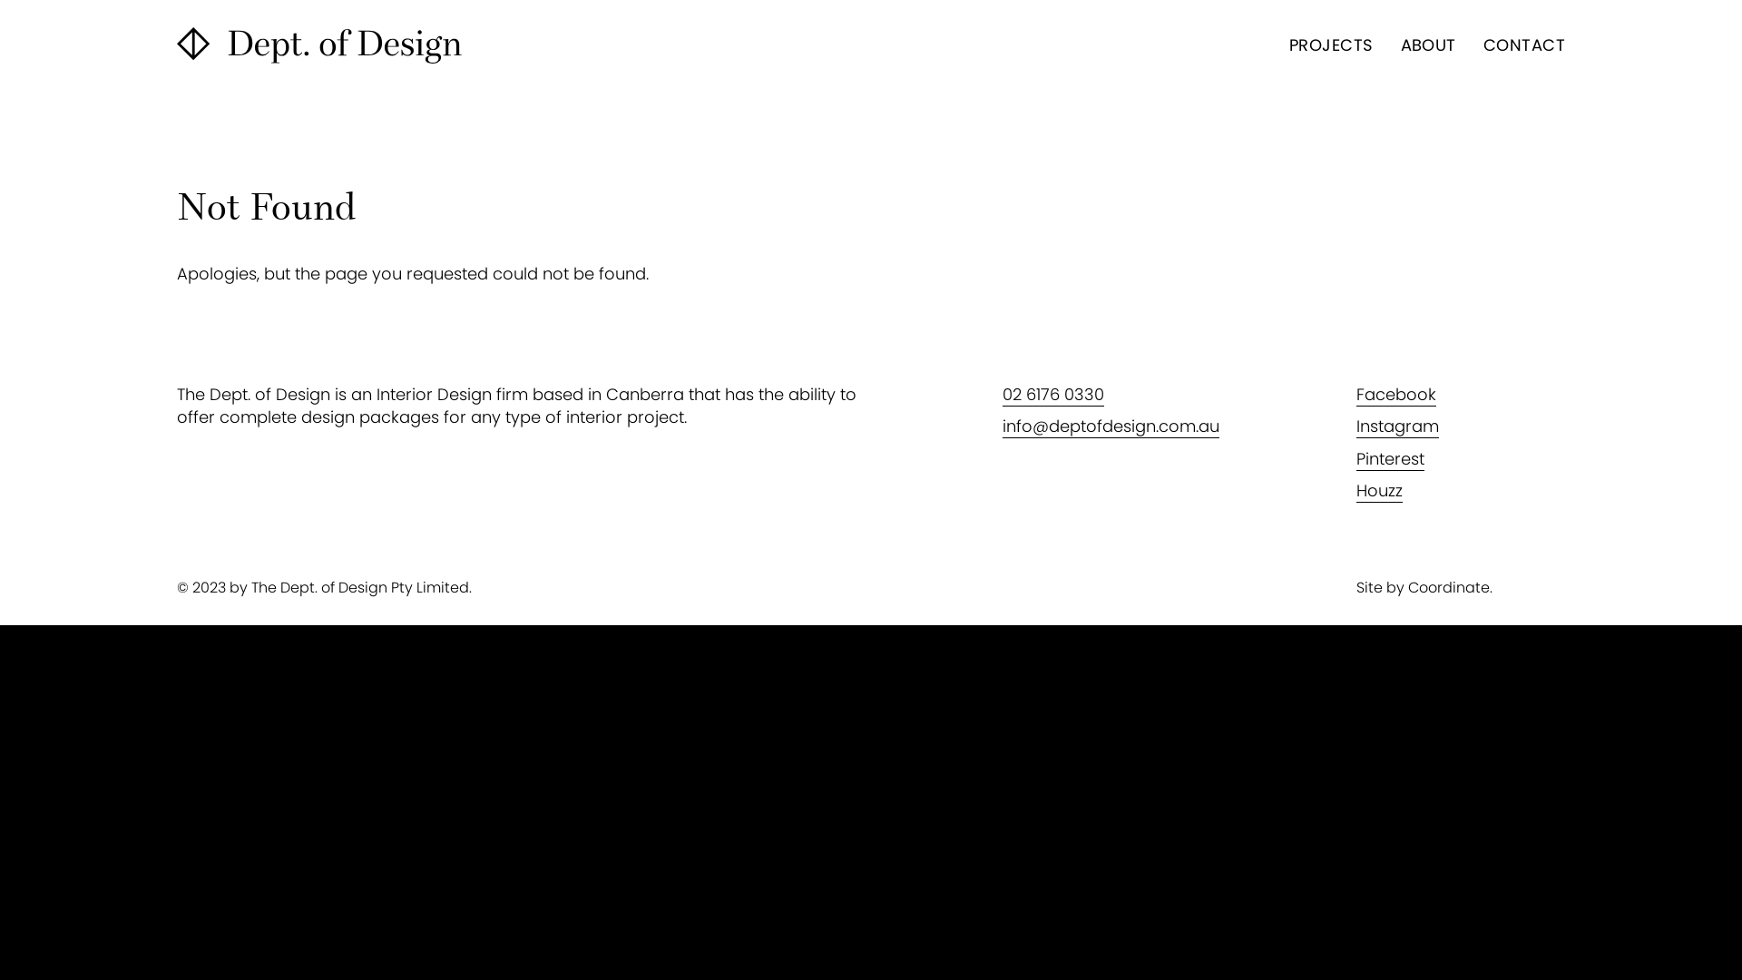  Describe the element at coordinates (1395, 393) in the screenshot. I see `'Facebook'` at that location.